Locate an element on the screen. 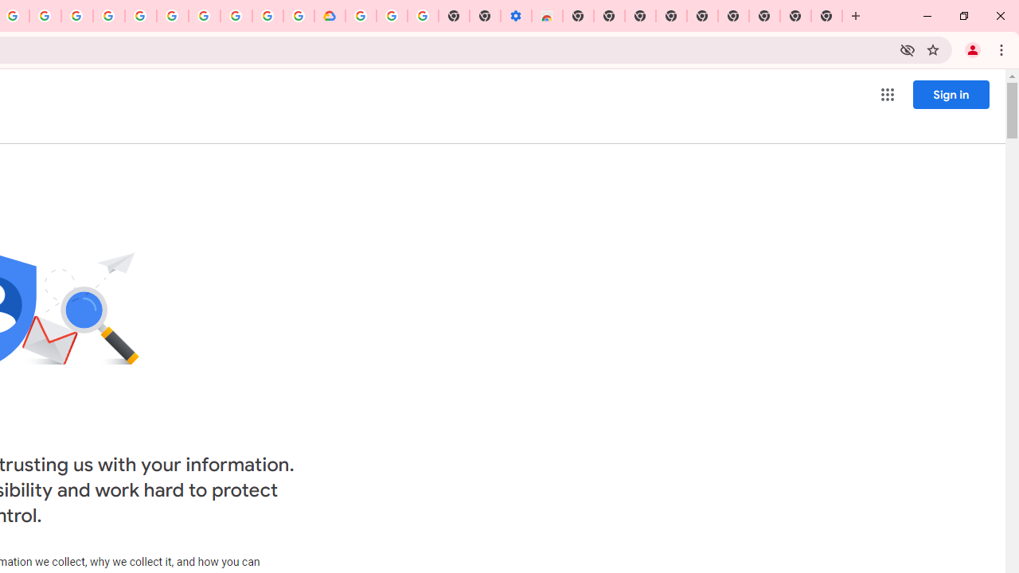 The width and height of the screenshot is (1019, 573). 'Minimize' is located at coordinates (927, 16).